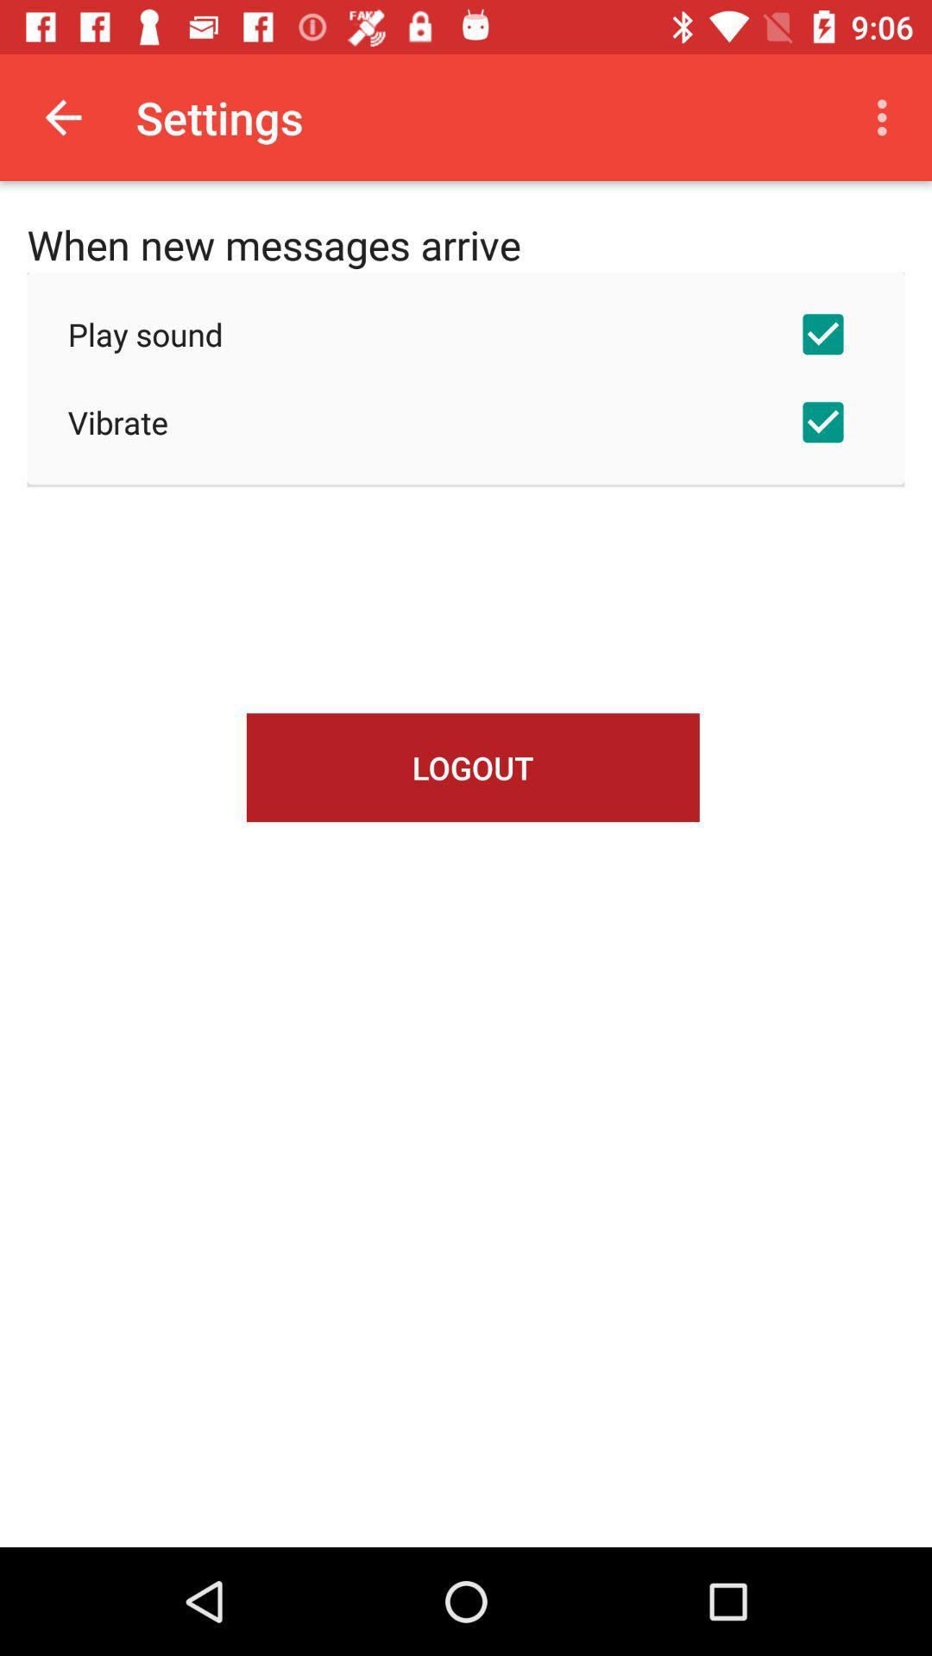 The image size is (932, 1656). Describe the element at coordinates (473, 767) in the screenshot. I see `the item at the center` at that location.